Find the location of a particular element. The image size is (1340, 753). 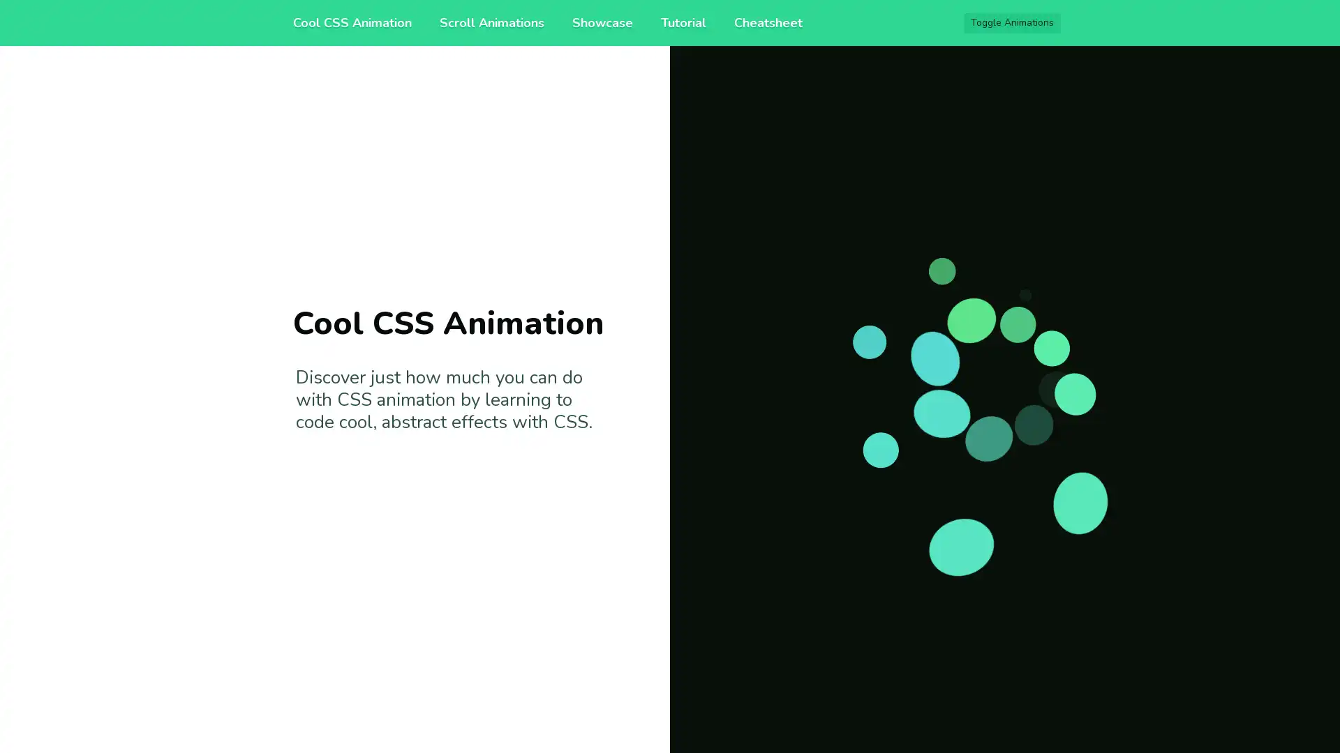

Toggle Animations is located at coordinates (1012, 23).